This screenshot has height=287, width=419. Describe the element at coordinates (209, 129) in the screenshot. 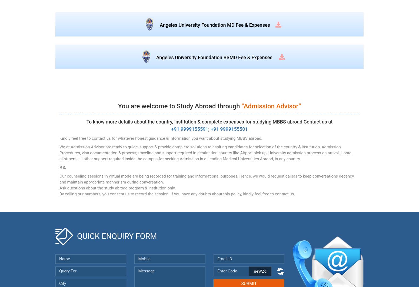

I see `';'` at that location.